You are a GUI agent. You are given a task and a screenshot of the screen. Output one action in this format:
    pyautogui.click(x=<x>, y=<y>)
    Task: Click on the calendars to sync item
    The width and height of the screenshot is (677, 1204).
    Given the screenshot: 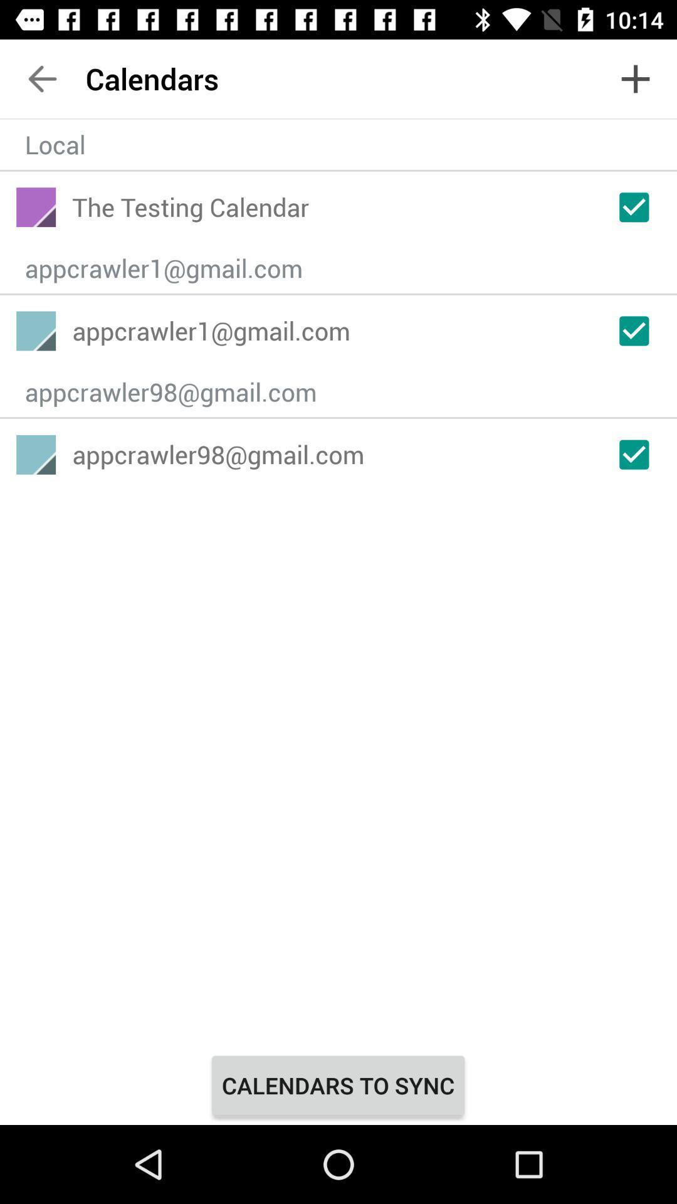 What is the action you would take?
    pyautogui.click(x=337, y=1085)
    